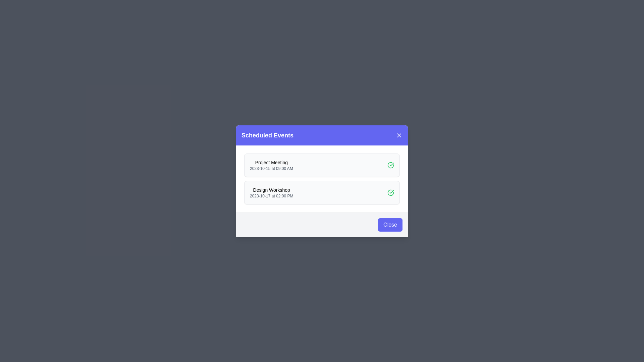 The width and height of the screenshot is (644, 362). I want to click on the 'Close' button with white text on a purple background located at the bottom-right corner of the 'Scheduled Events' modal, so click(390, 225).